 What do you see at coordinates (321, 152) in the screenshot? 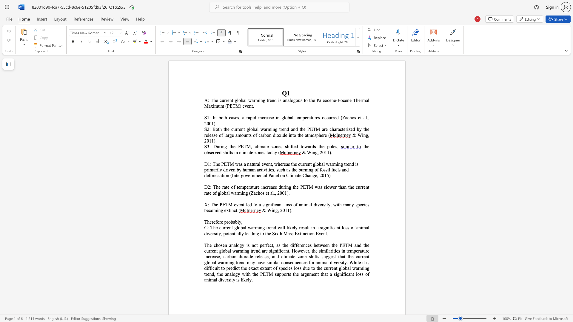
I see `the 1th character "2" in the text` at bounding box center [321, 152].